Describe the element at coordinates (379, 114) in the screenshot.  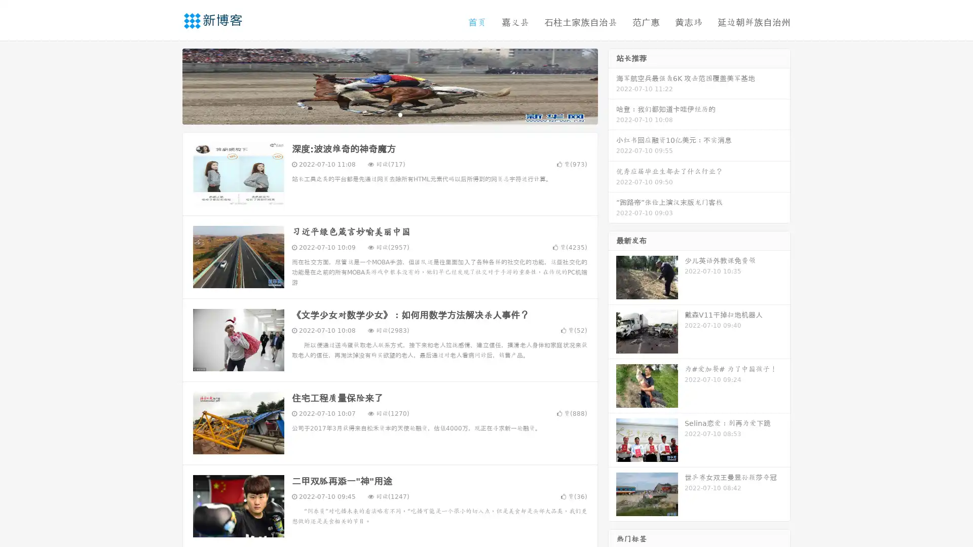
I see `Go to slide 1` at that location.